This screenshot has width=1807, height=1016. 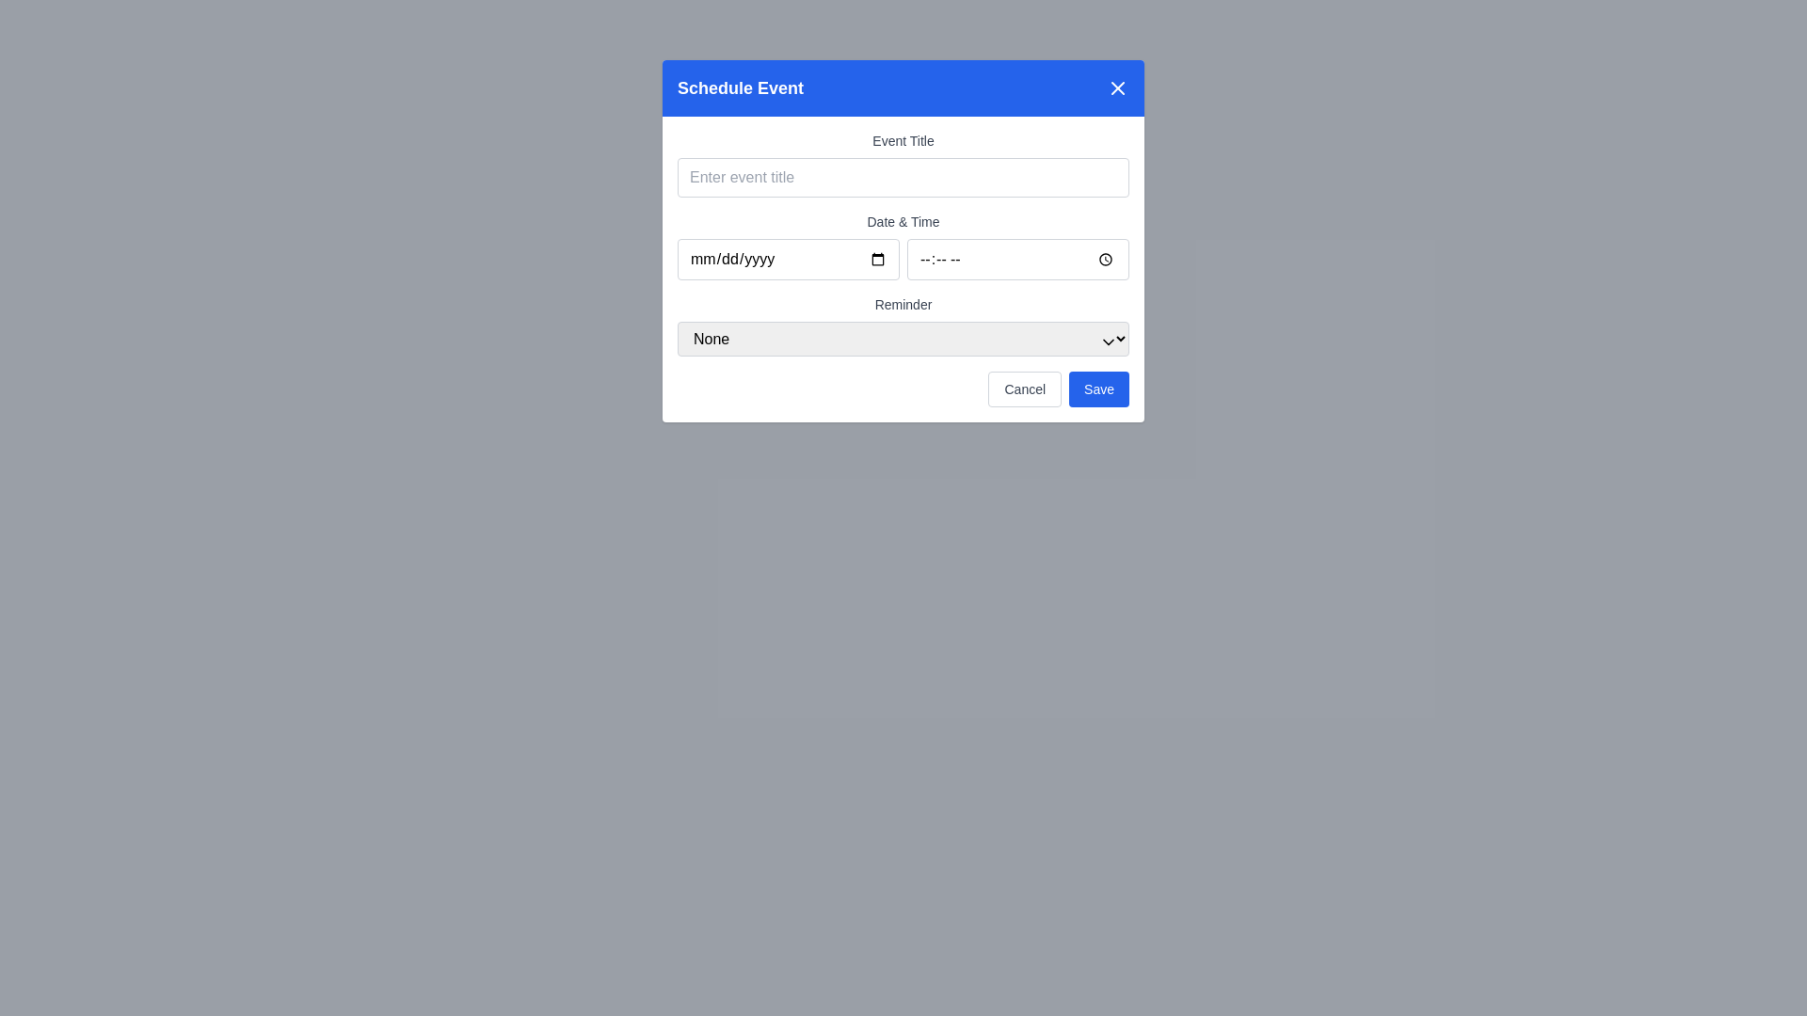 I want to click on the 'Reminder' dropdown menu in the 'Schedule Event' form, so click(x=903, y=325).